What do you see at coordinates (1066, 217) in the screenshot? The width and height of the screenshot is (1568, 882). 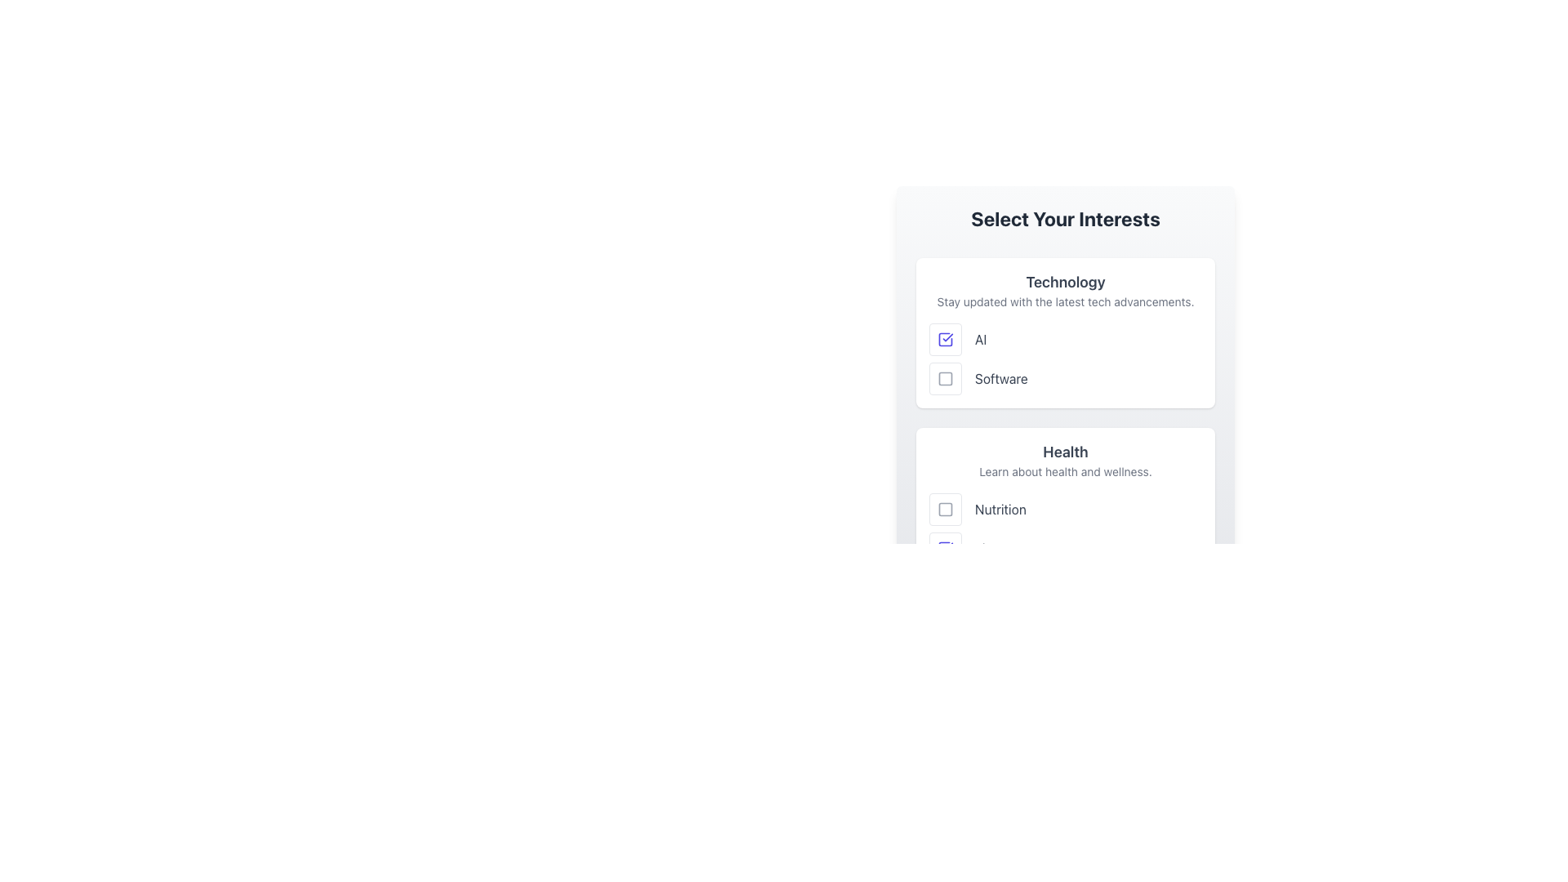 I see `the text label displaying 'Select Your Interests', which is a bold, large header centered at the top of the section` at bounding box center [1066, 217].